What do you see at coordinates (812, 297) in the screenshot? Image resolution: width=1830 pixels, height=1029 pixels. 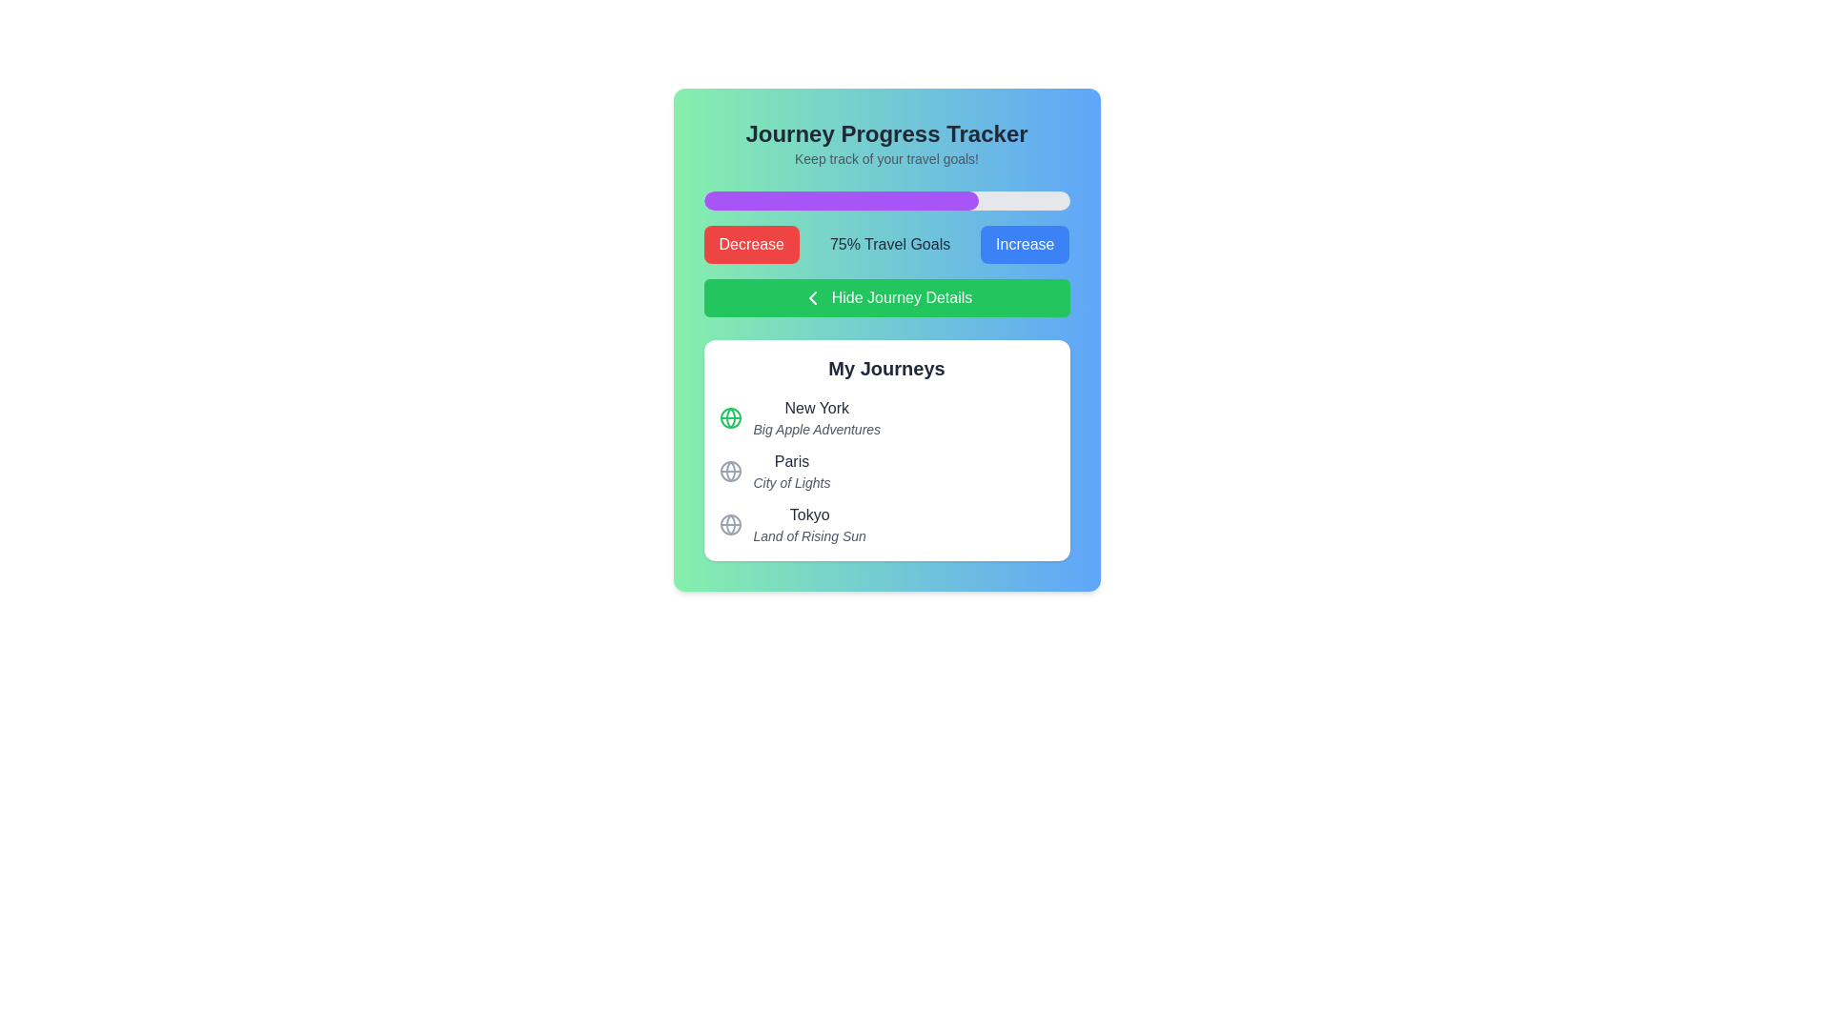 I see `the left-facing chevron icon that is part of the green button labeled 'Hide Journey Details'` at bounding box center [812, 297].